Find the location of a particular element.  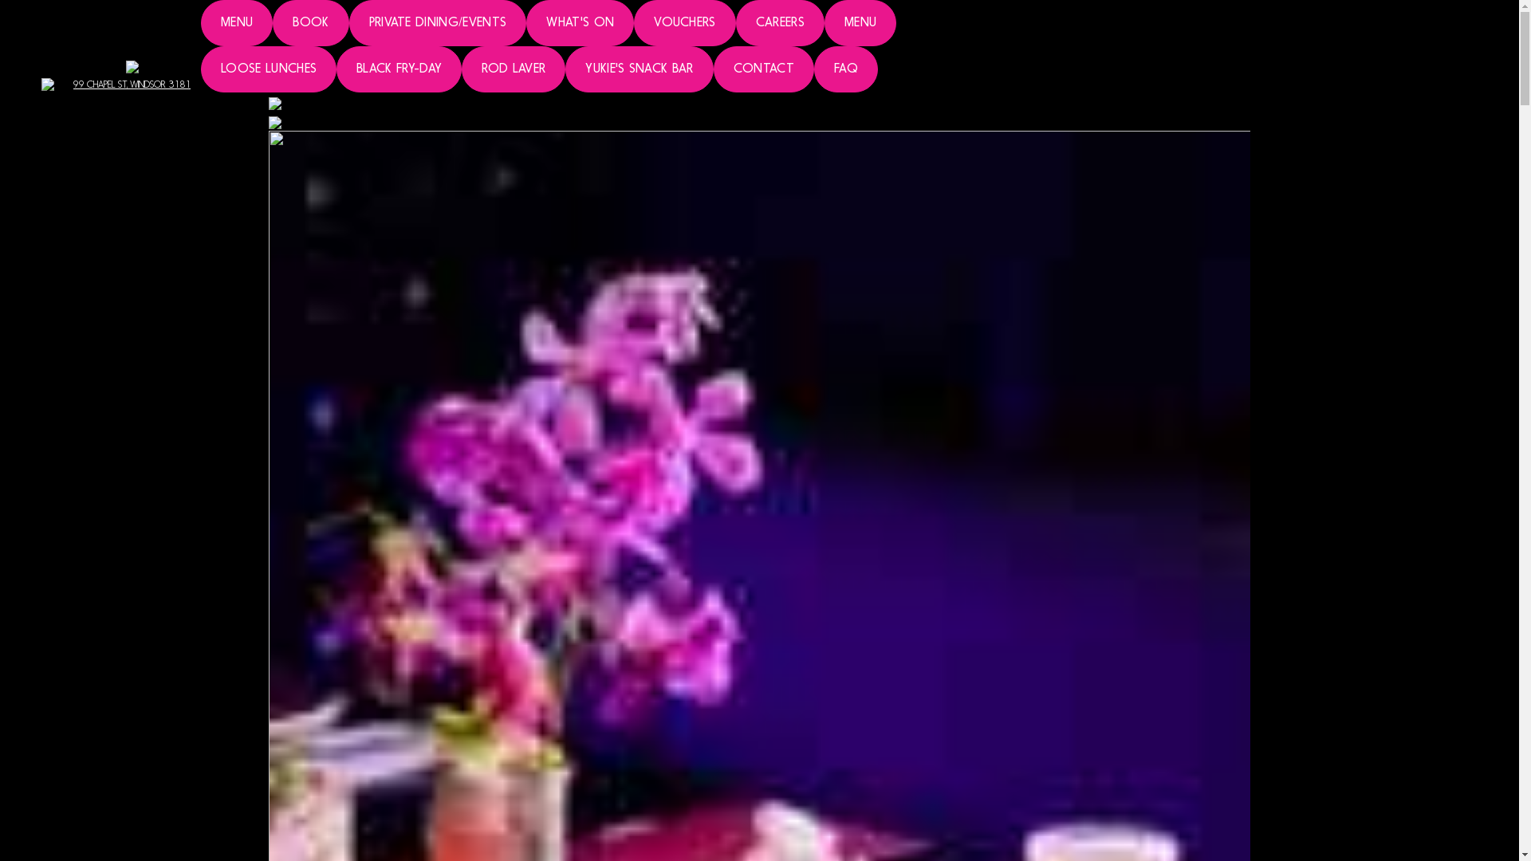

'BLACK FRY-DAY' is located at coordinates (399, 69).